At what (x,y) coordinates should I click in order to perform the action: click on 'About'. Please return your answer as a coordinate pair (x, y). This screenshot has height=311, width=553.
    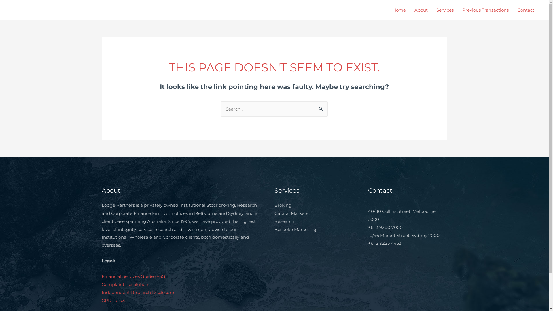
    Looking at the image, I should click on (421, 10).